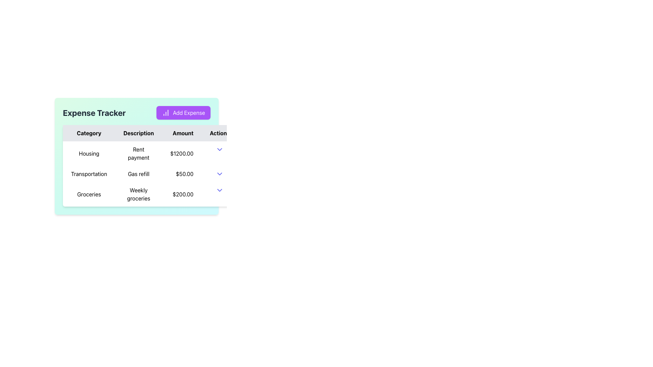 The image size is (653, 367). What do you see at coordinates (138, 153) in the screenshot?
I see `the 'Rent payment' text label located in the second column of the table, which is under the 'Description' header` at bounding box center [138, 153].